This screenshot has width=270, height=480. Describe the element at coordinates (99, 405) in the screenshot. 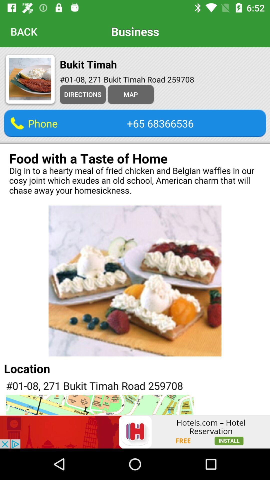

I see `the image which is below the location` at that location.